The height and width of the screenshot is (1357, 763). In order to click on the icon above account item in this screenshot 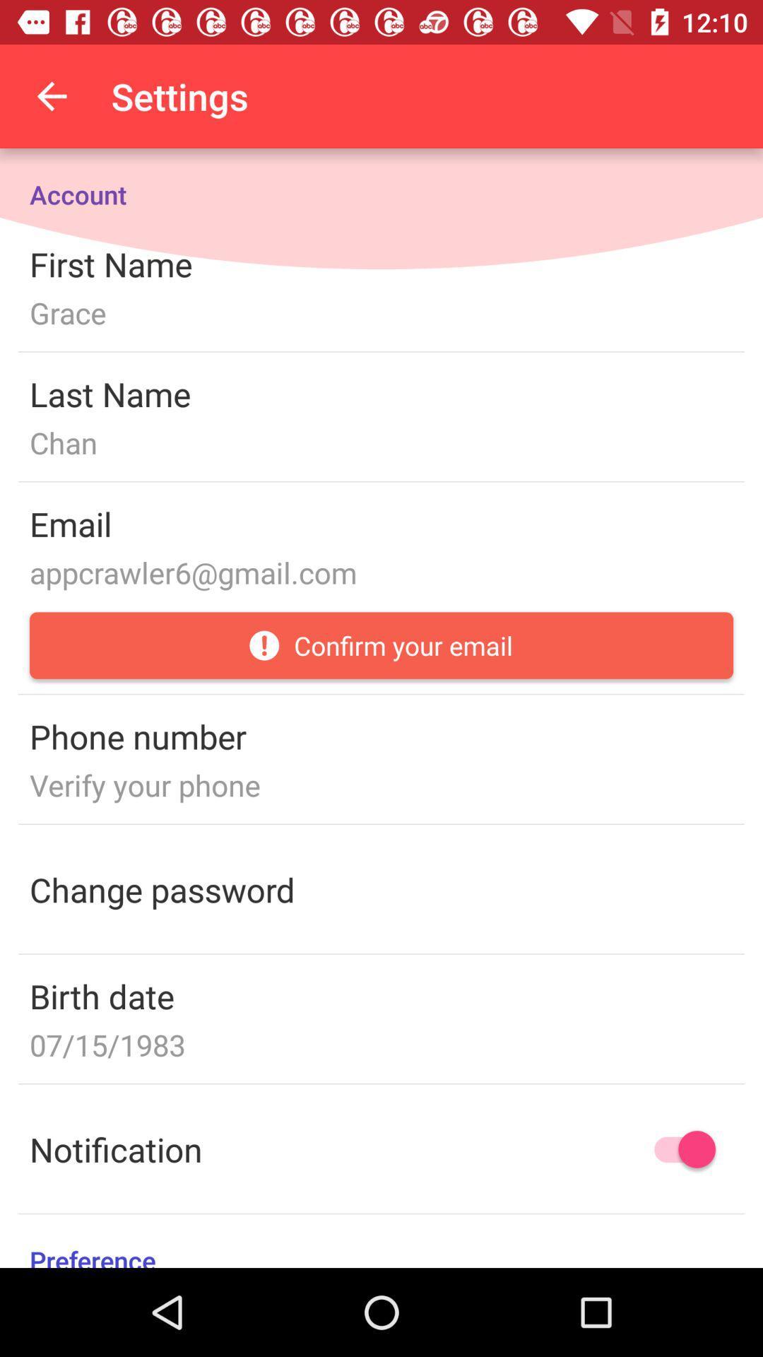, I will do `click(51, 95)`.